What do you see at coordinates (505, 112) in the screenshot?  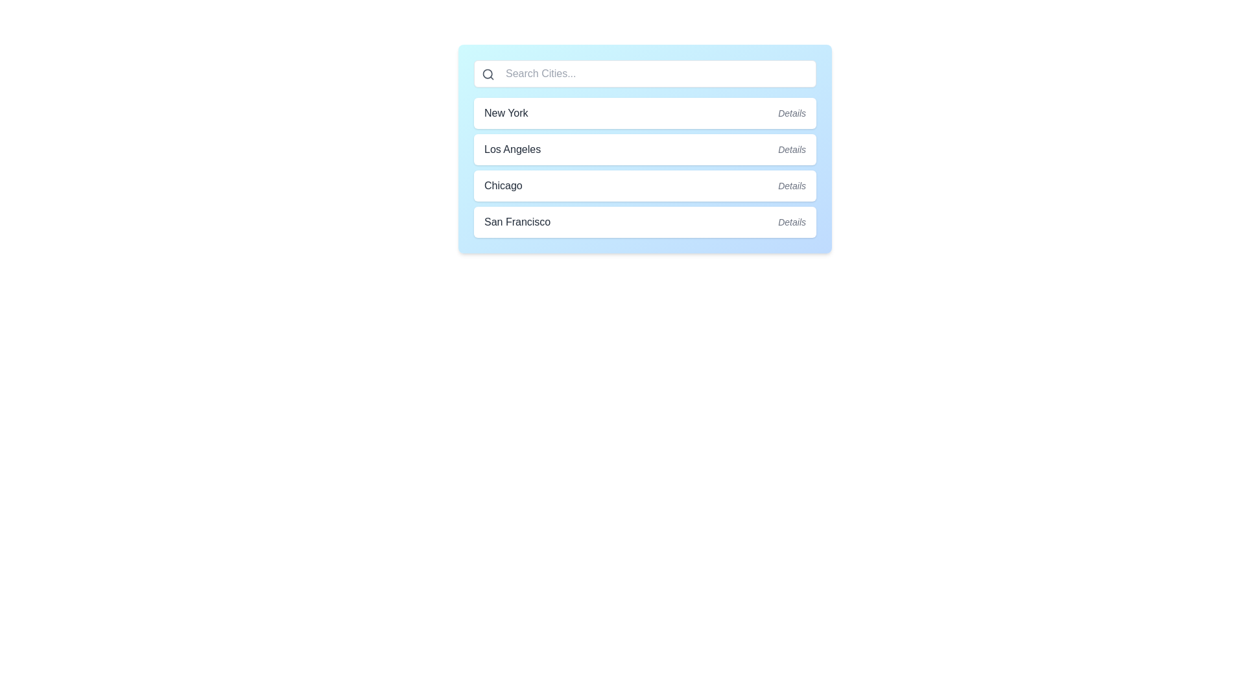 I see `the text label for the first city entry located at the left-hand side of the first row in the list` at bounding box center [505, 112].